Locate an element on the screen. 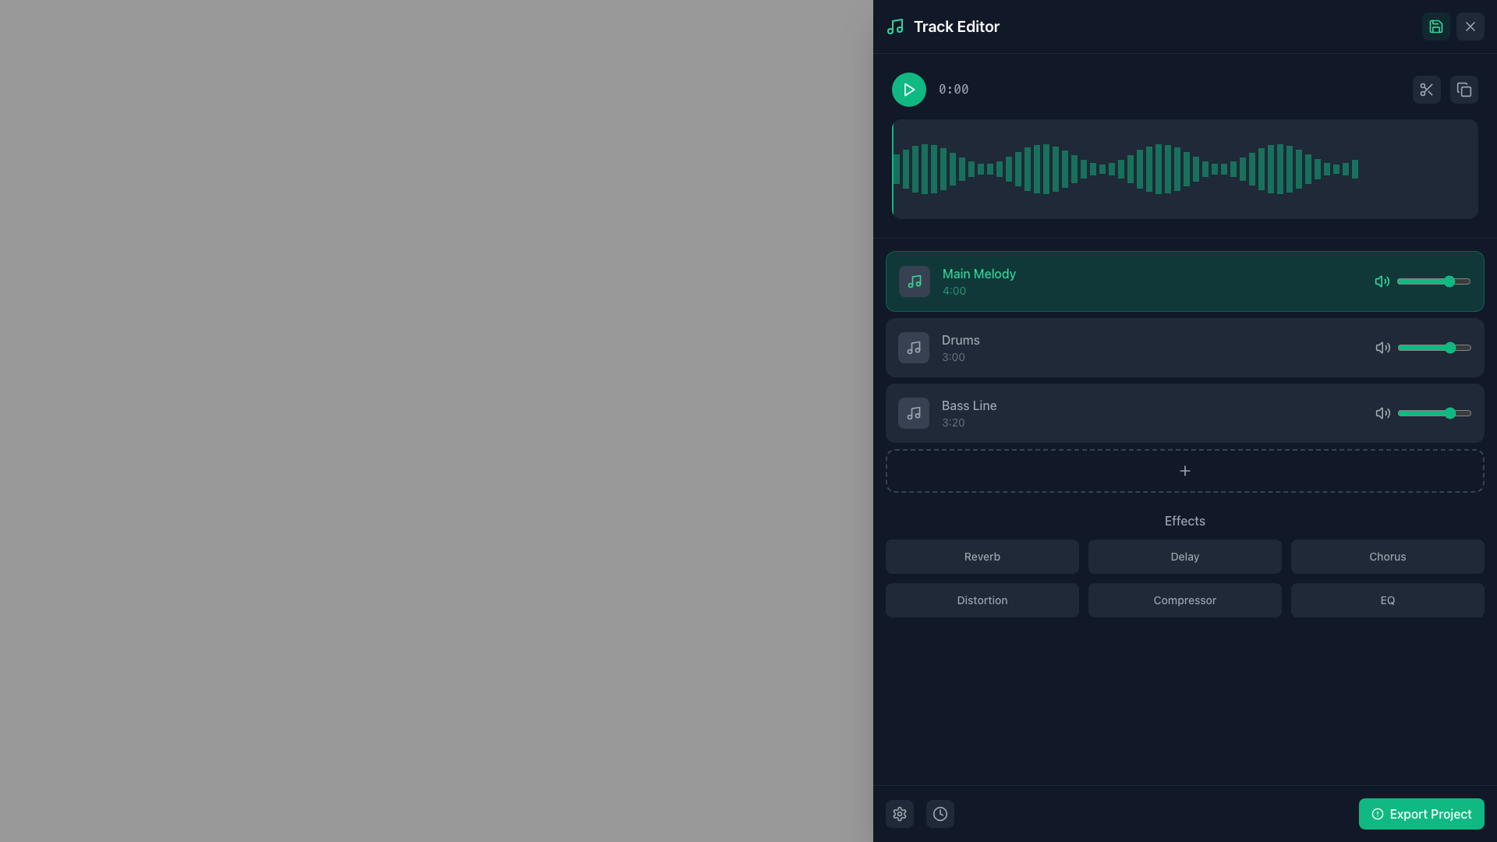 Image resolution: width=1497 pixels, height=842 pixels. the 19th bar in the waveform data visualization is located at coordinates (1064, 168).